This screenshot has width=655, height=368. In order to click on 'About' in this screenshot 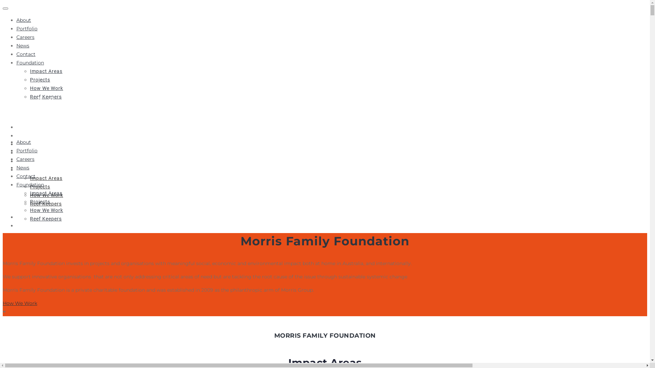, I will do `click(24, 19)`.